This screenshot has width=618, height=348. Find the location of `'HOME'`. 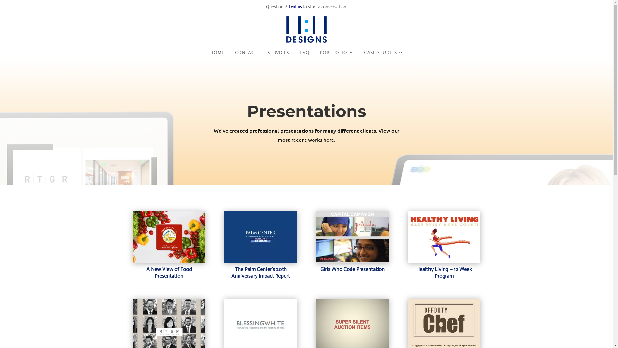

'HOME' is located at coordinates (217, 53).